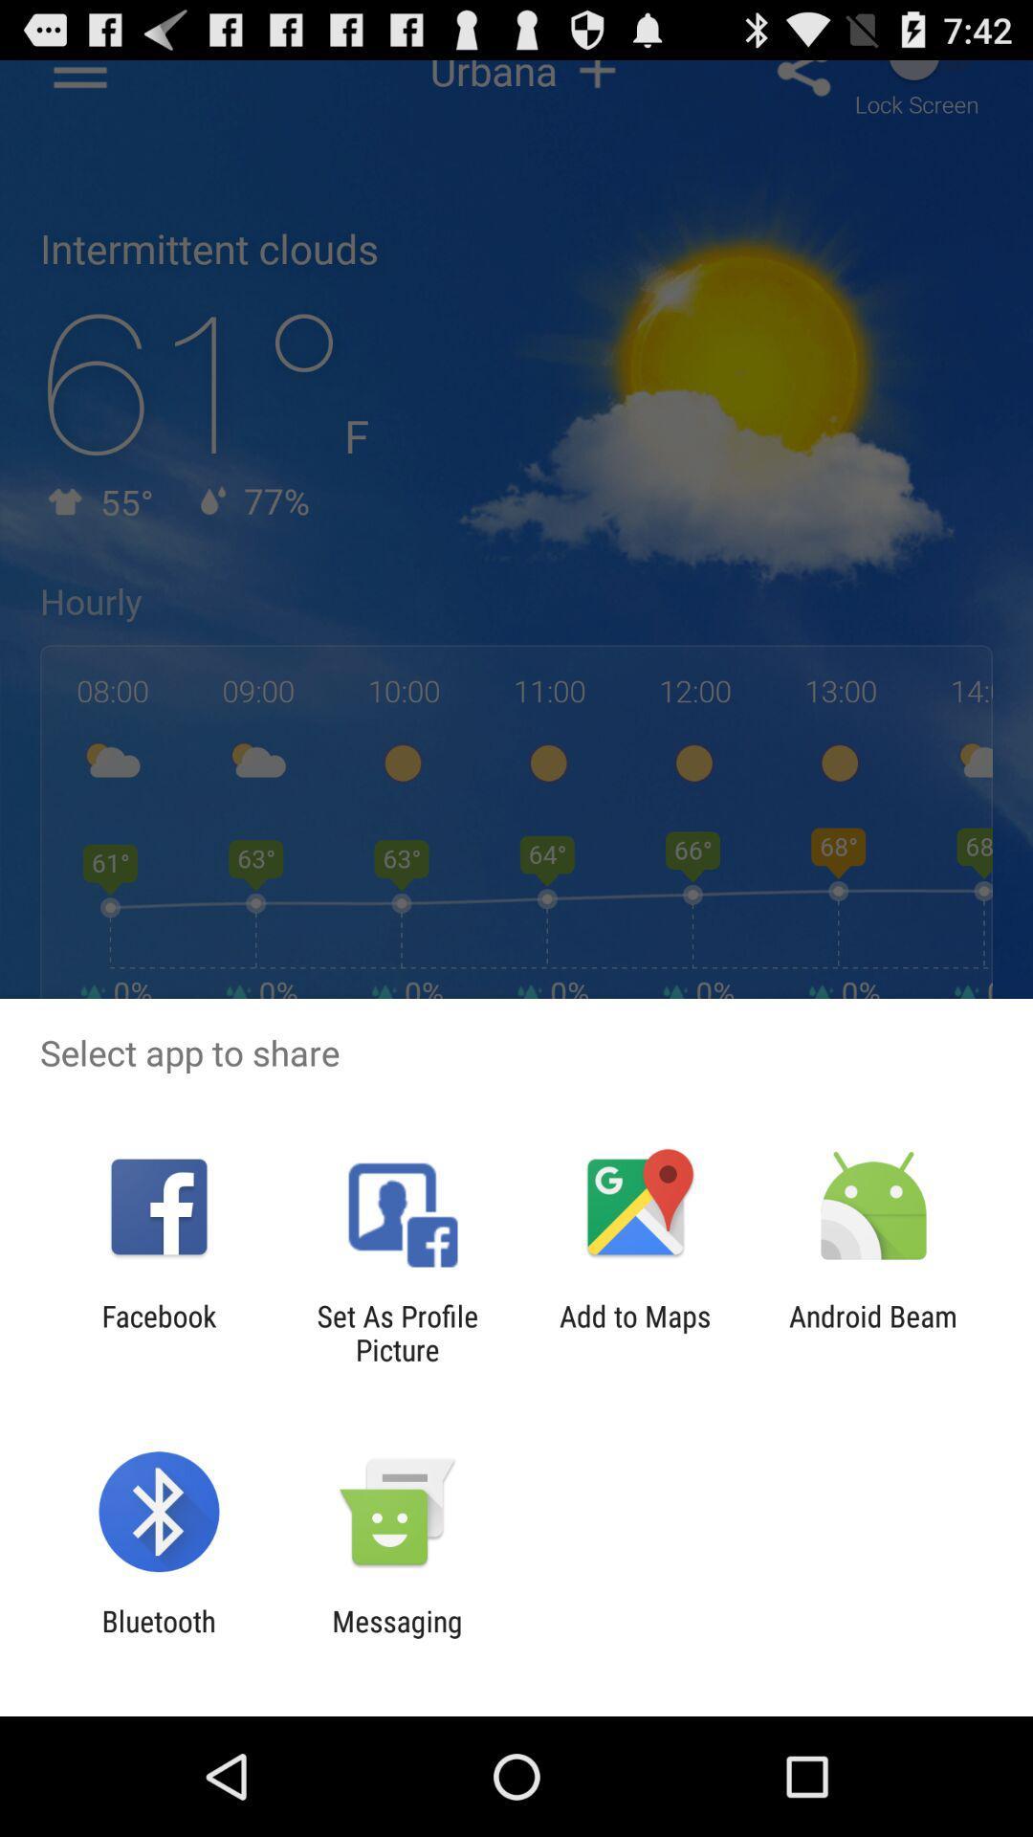 The image size is (1033, 1837). Describe the element at coordinates (158, 1332) in the screenshot. I see `the facebook` at that location.